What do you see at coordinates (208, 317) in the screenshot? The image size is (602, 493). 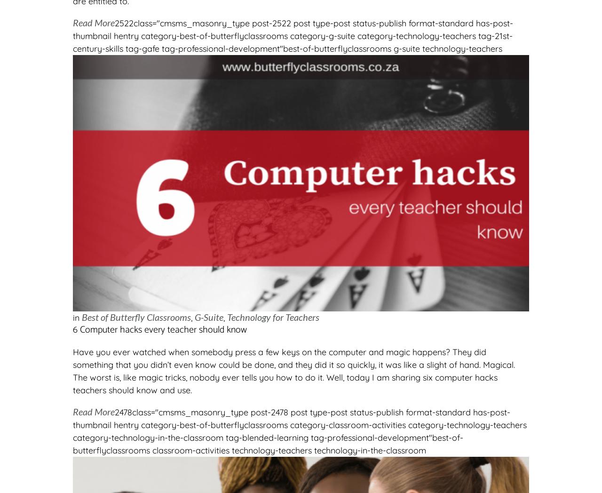 I see `'G-Suite'` at bounding box center [208, 317].